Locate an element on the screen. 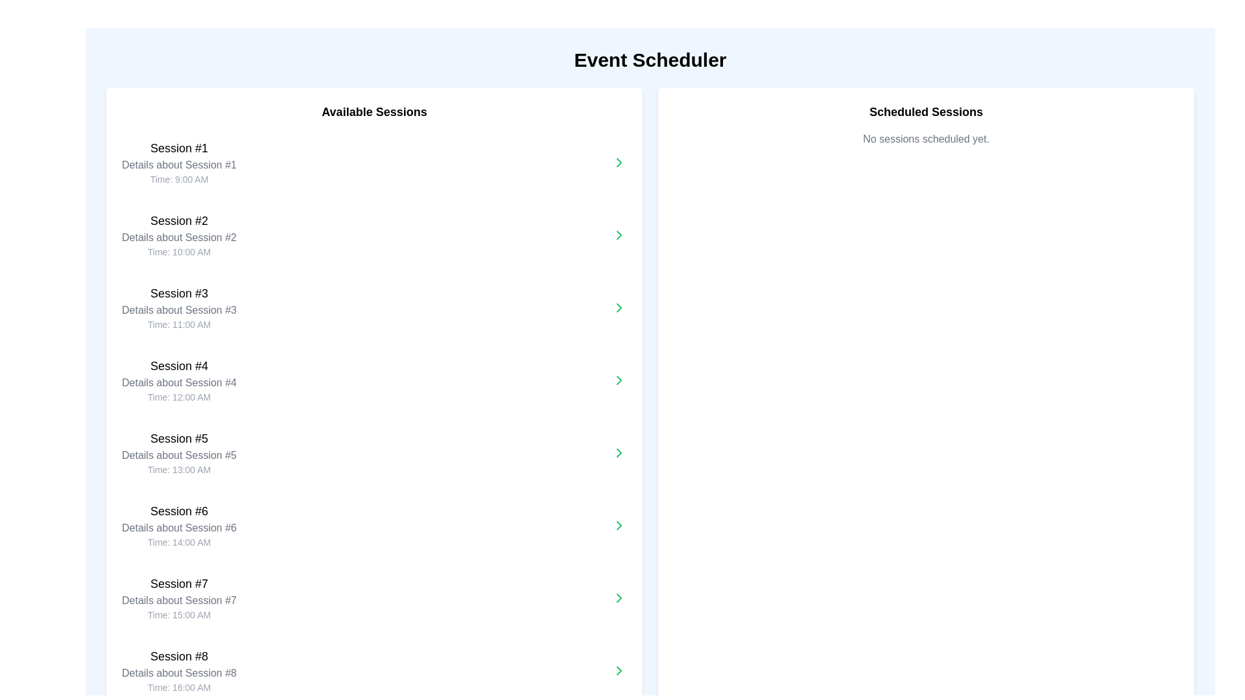 The height and width of the screenshot is (700, 1245). static text label displaying 'Time: 13:00 AM' which is positioned below 'Details about Session #5' in the session details box is located at coordinates (178, 470).